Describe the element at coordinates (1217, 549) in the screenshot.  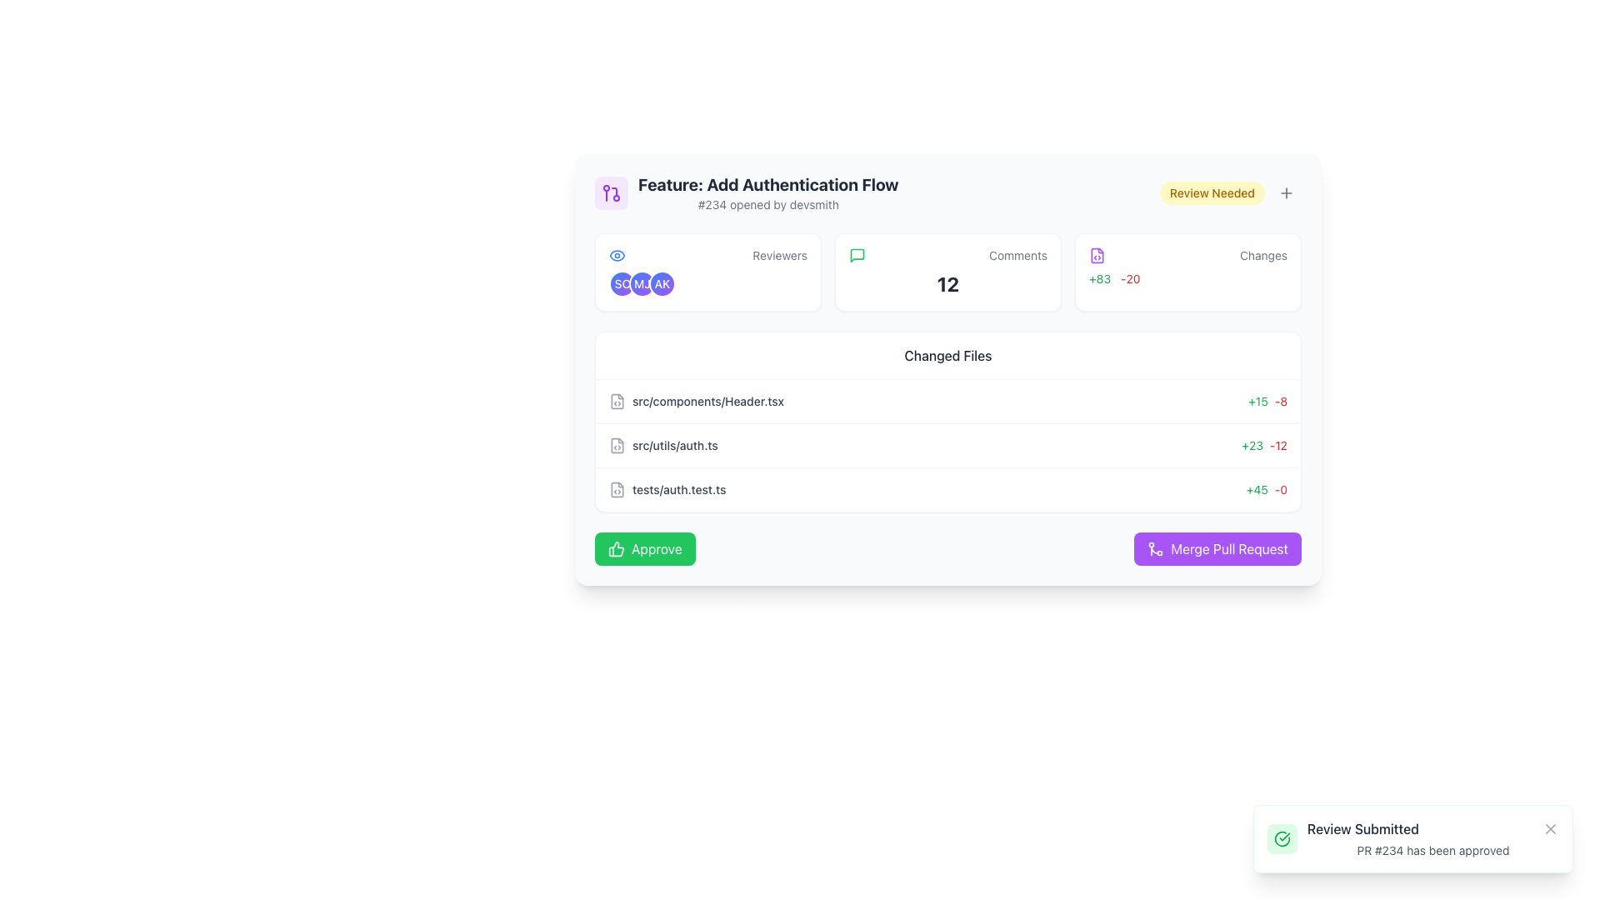
I see `the button located at the bottom-right corner of the pull request summary card, positioned to the right of the green 'Approve' button, to observe the hover effect` at that location.